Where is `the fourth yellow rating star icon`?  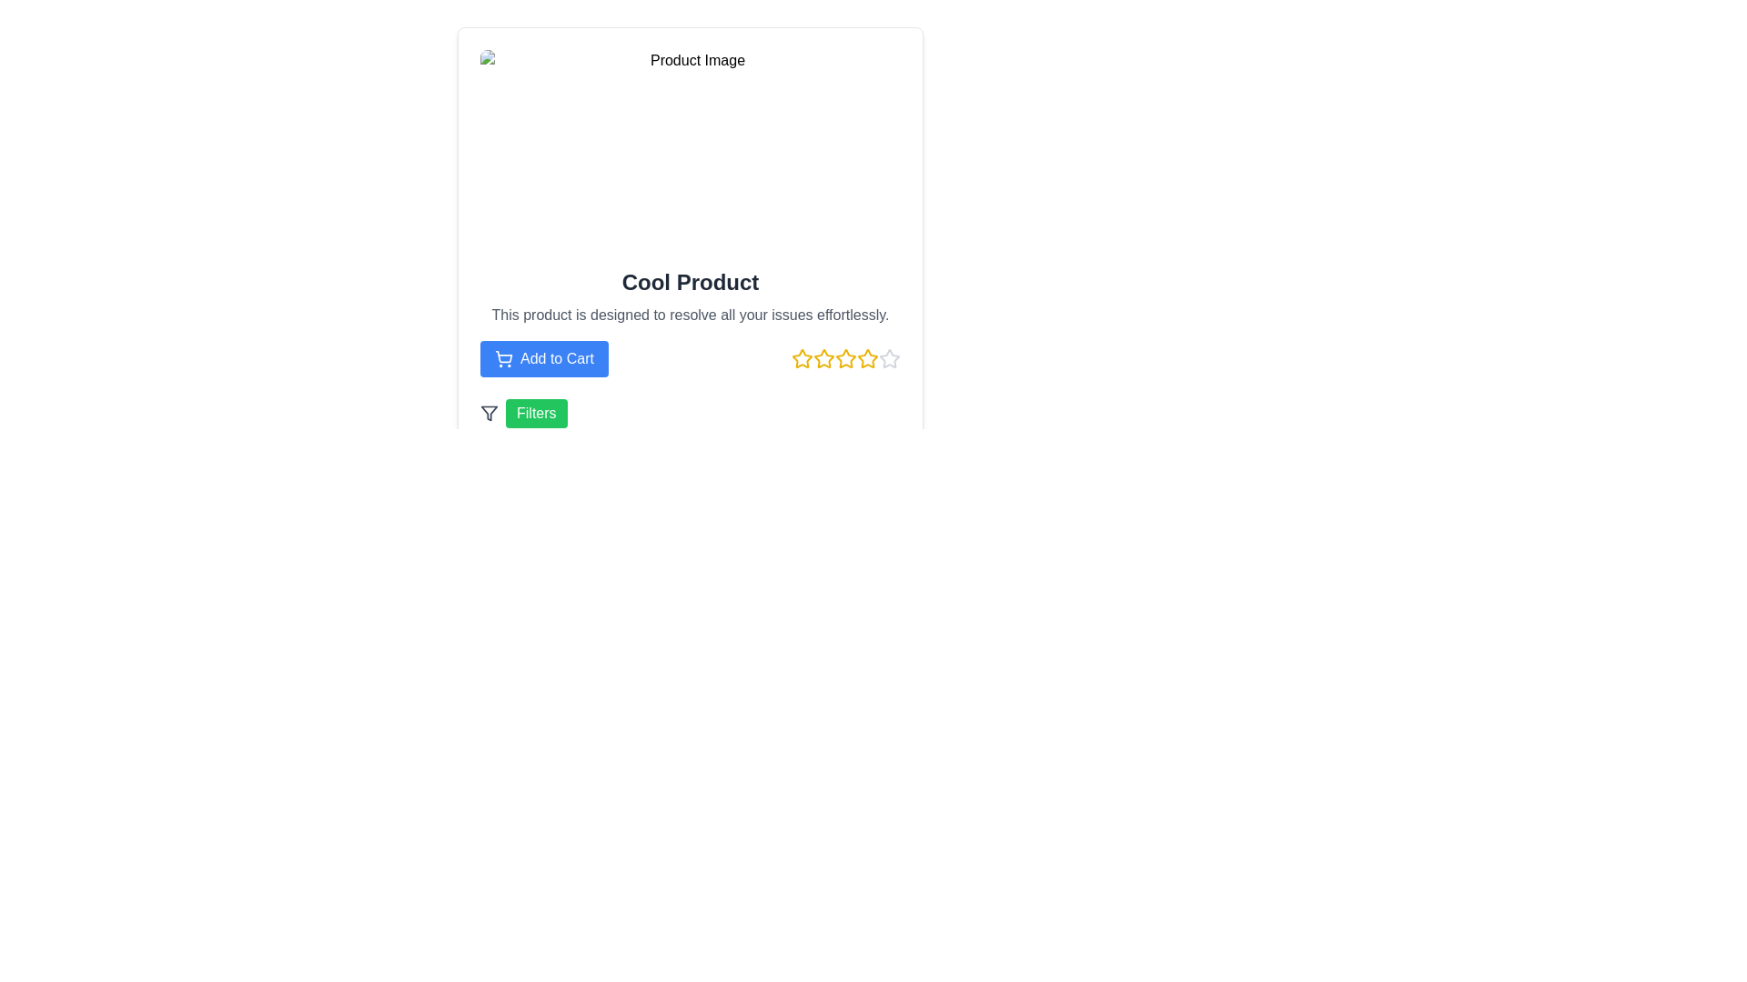
the fourth yellow rating star icon is located at coordinates (845, 358).